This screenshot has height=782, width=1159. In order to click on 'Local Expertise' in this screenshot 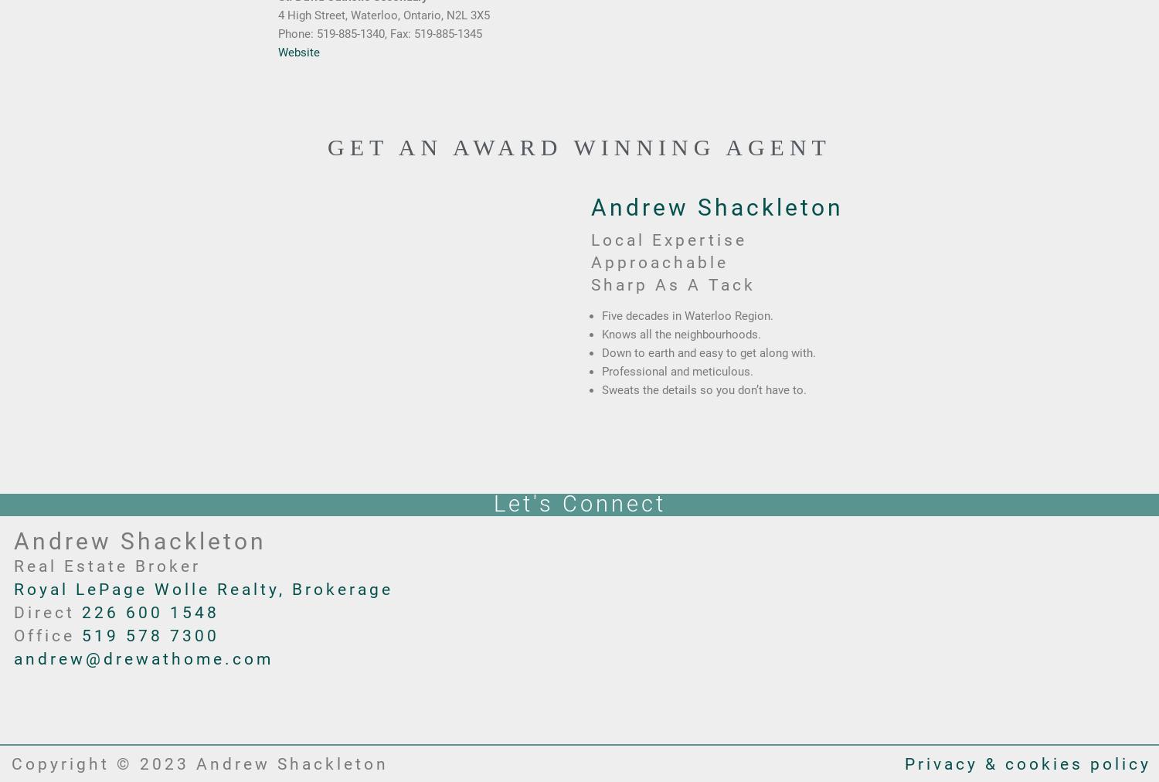, I will do `click(668, 238)`.